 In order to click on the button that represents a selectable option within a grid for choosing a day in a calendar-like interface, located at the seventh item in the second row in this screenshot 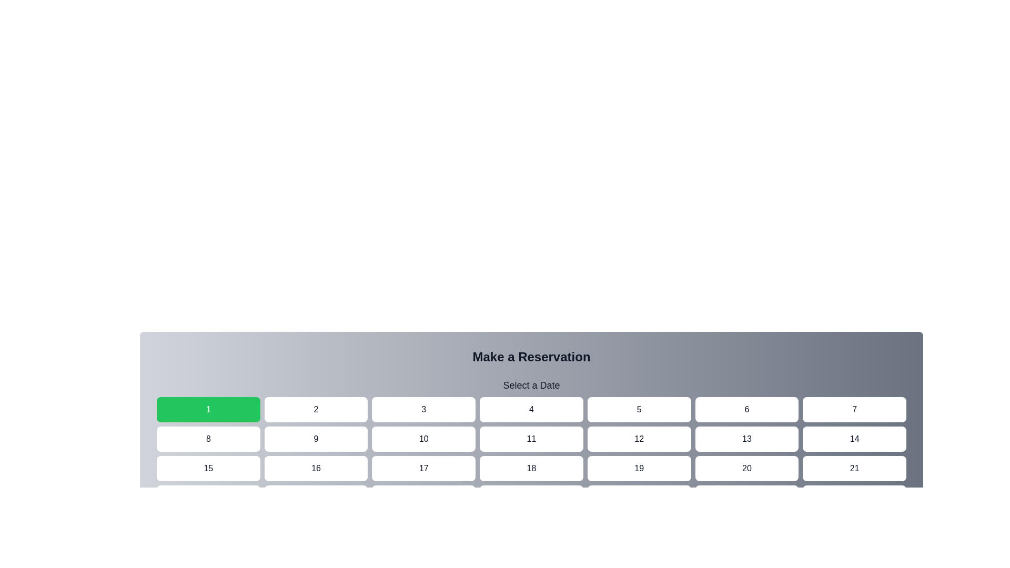, I will do `click(854, 439)`.